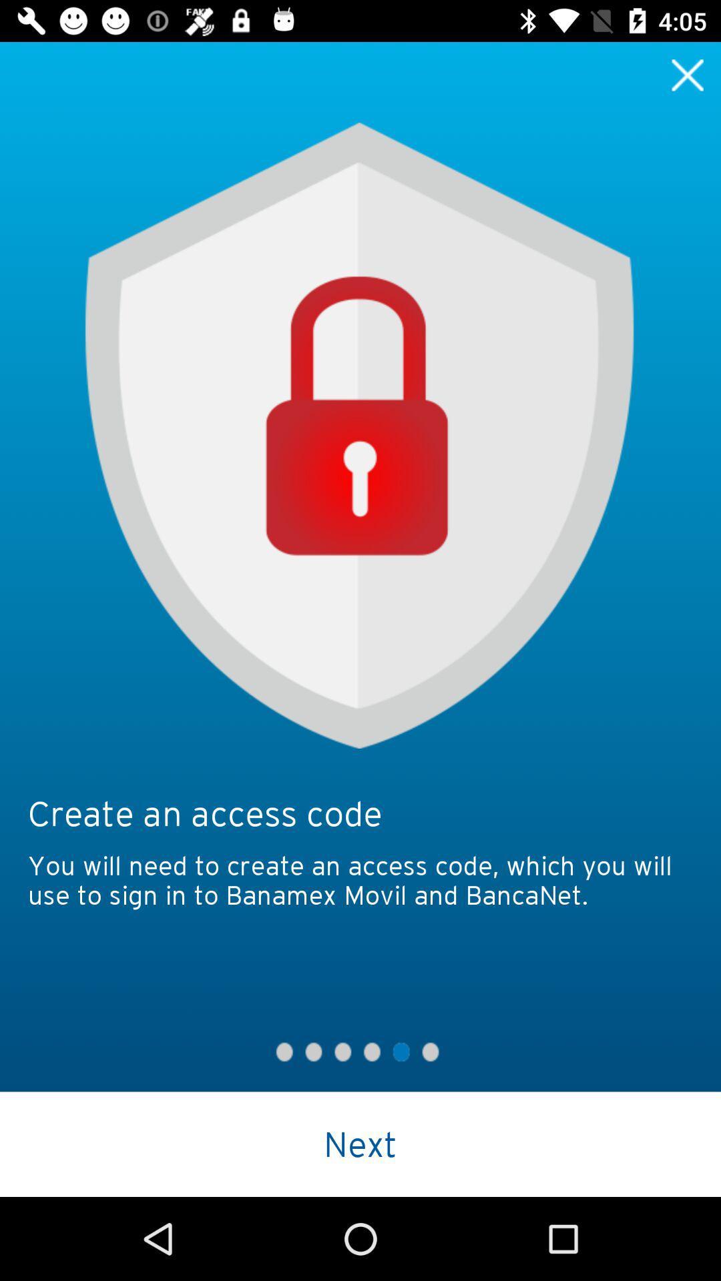 This screenshot has width=721, height=1281. Describe the element at coordinates (688, 74) in the screenshot. I see `app` at that location.